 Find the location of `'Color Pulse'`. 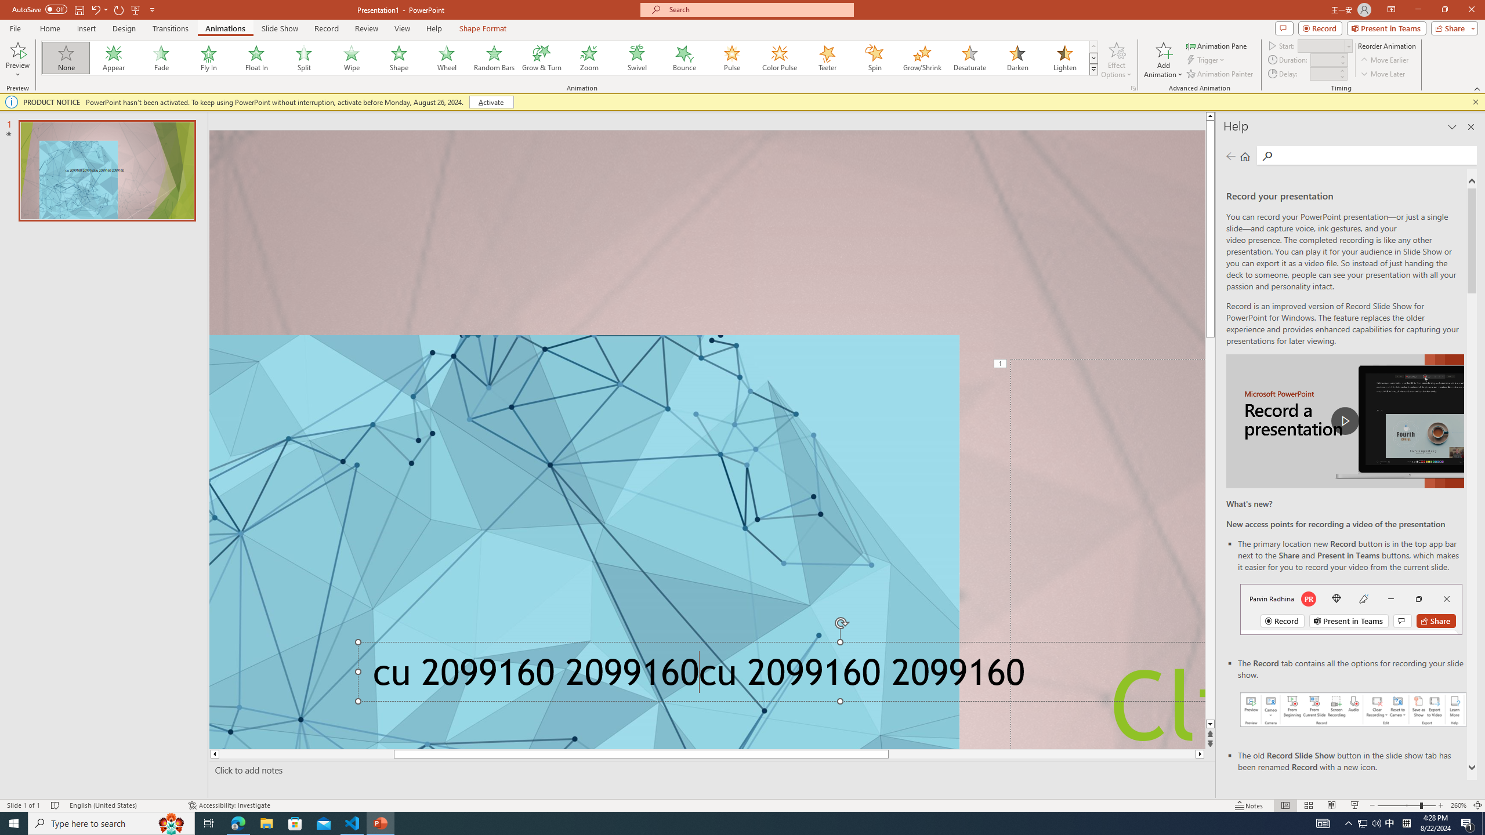

'Color Pulse' is located at coordinates (780, 57).